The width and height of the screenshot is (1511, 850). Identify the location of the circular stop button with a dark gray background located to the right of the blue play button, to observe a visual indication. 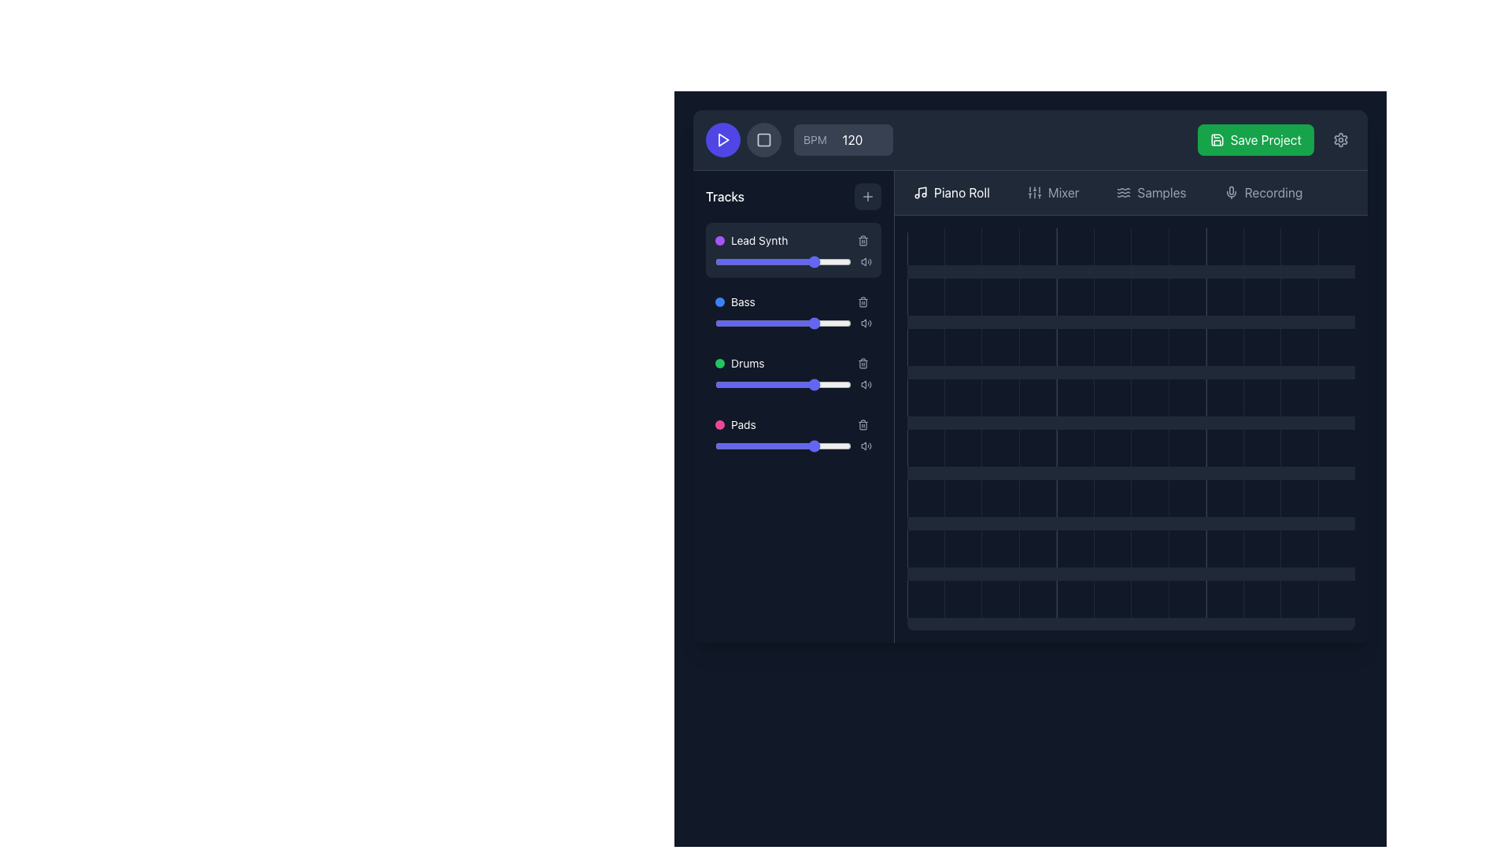
(763, 139).